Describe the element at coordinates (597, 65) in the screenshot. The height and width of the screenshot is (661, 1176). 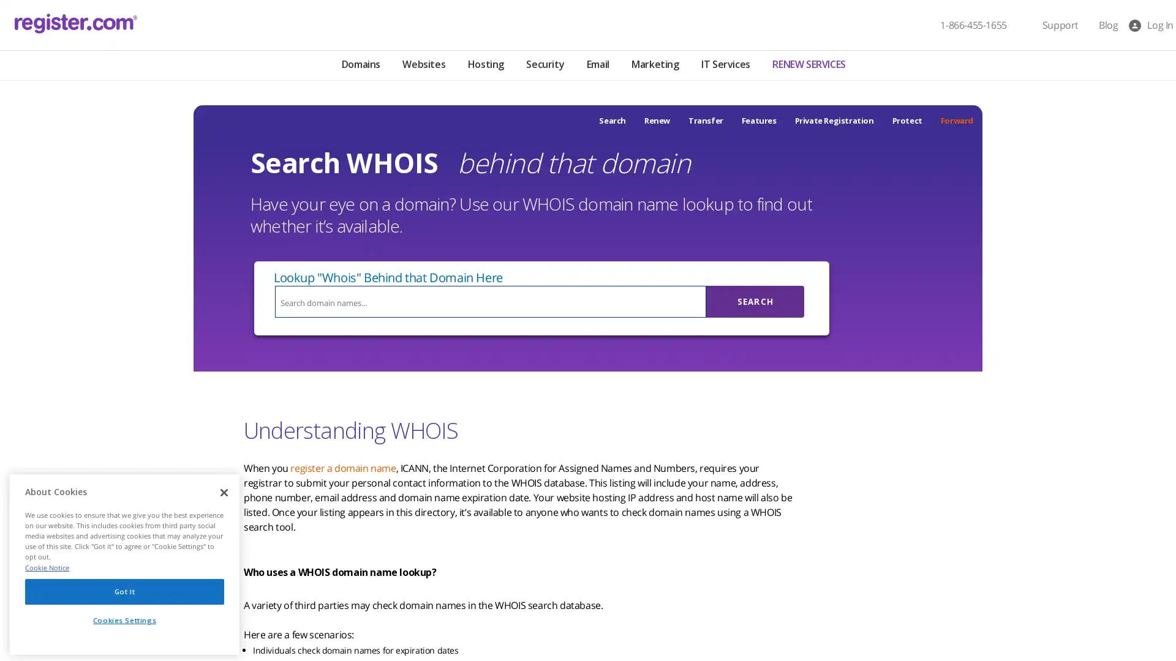
I see `Email` at that location.